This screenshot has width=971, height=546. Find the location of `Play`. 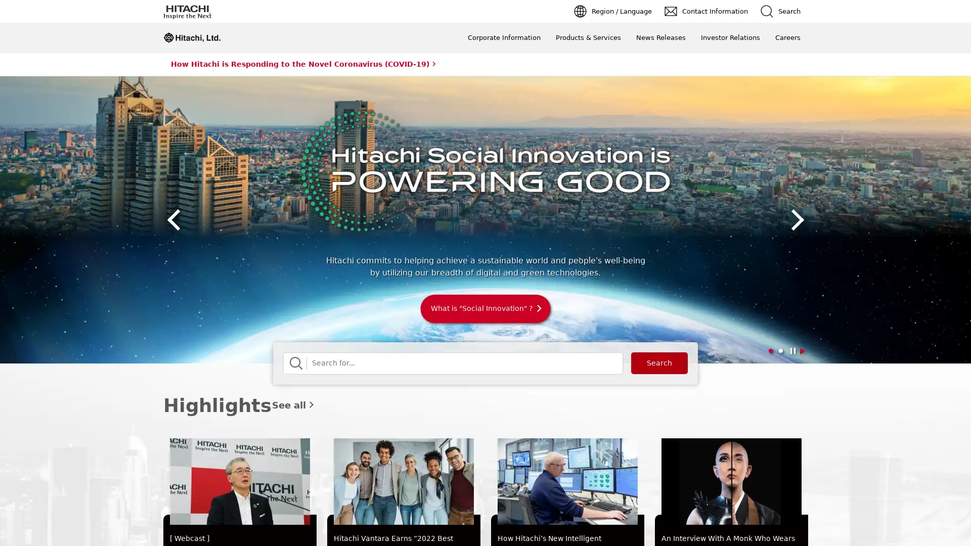

Play is located at coordinates (791, 350).